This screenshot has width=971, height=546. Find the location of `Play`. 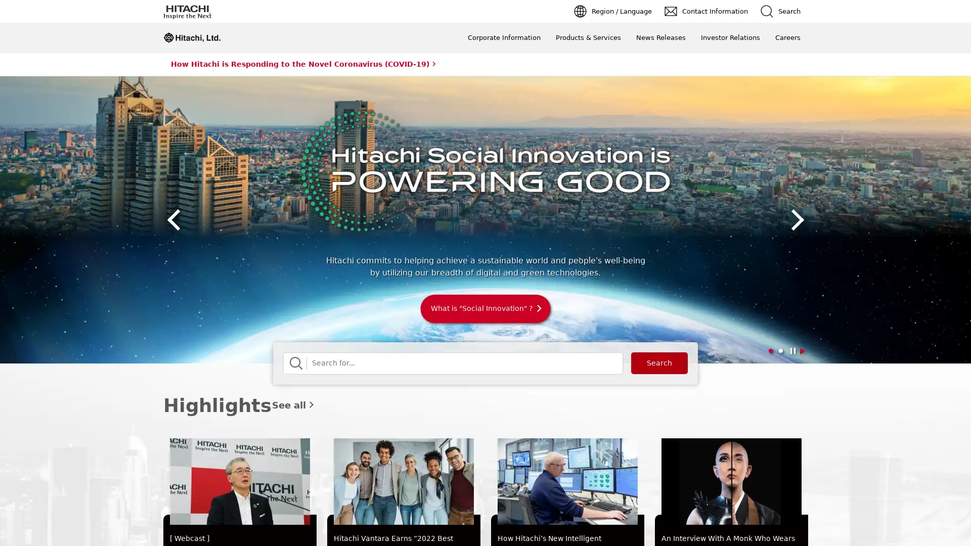

Play is located at coordinates (791, 350).